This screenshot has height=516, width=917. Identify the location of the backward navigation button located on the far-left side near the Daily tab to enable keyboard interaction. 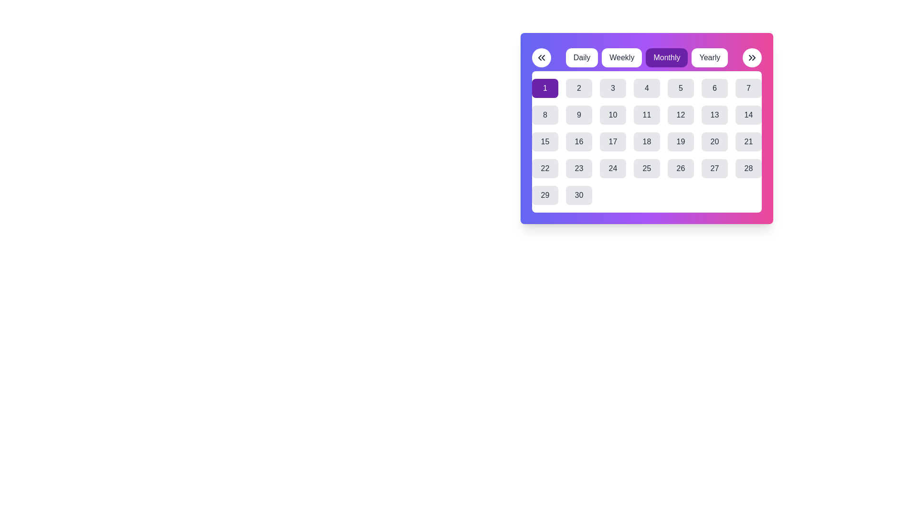
(541, 57).